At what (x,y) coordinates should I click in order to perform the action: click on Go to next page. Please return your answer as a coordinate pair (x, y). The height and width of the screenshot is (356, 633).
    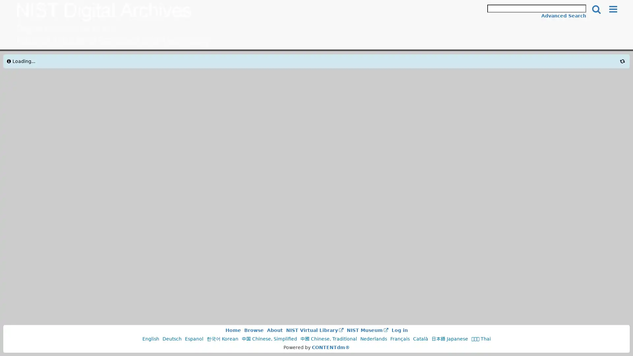
    Looking at the image, I should click on (440, 115).